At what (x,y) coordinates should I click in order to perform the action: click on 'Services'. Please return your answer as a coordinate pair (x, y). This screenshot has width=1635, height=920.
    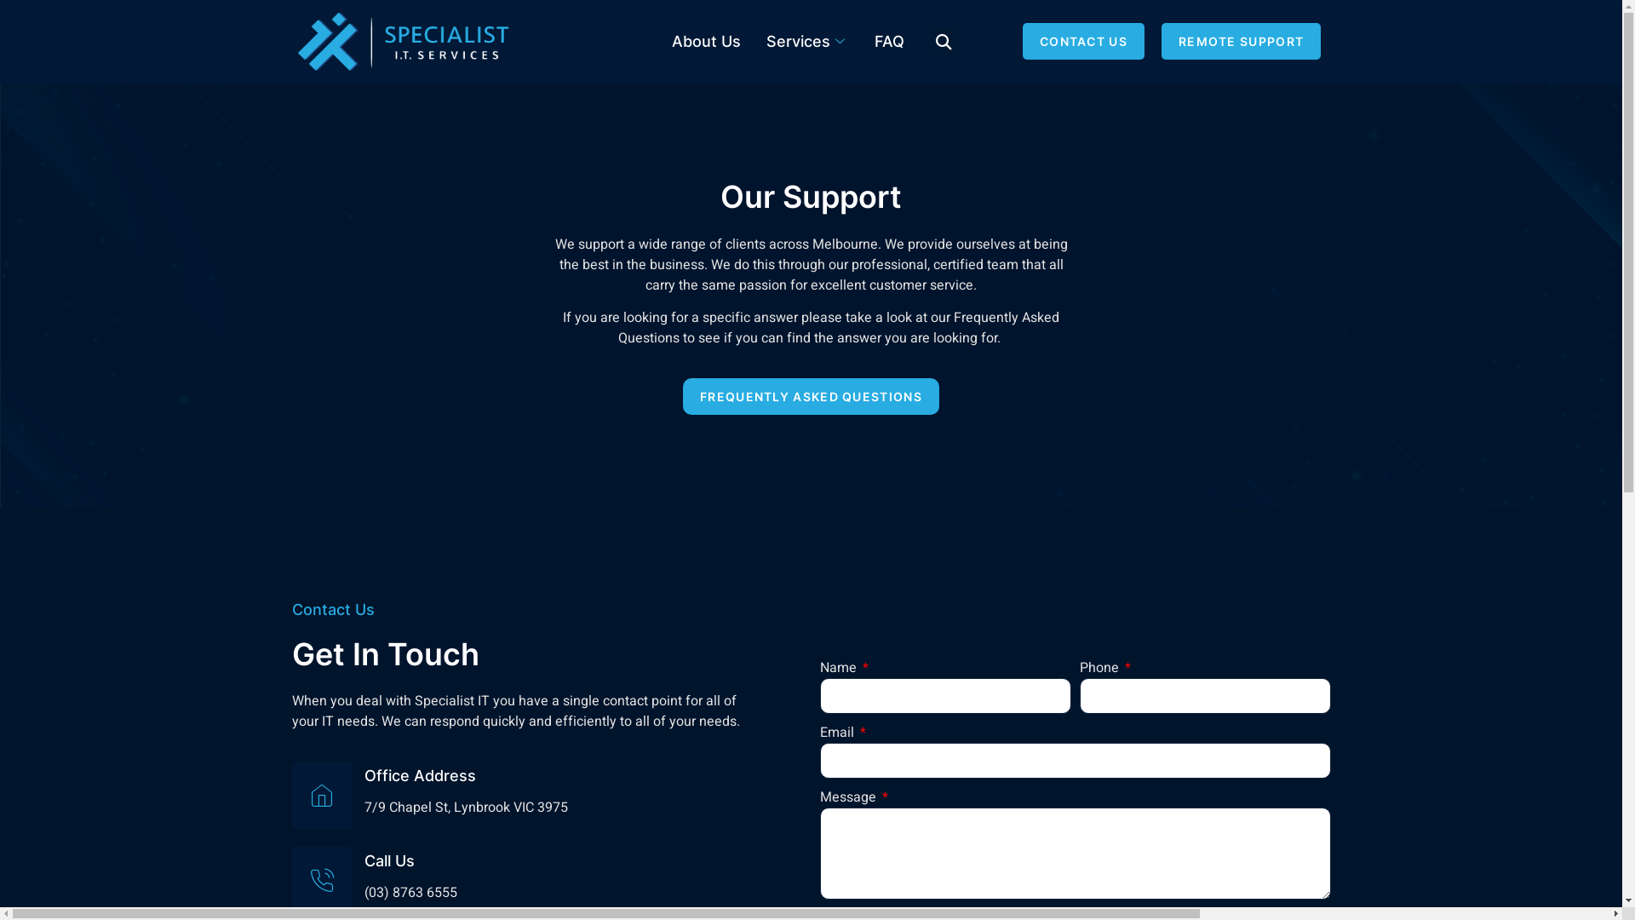
    Looking at the image, I should click on (751, 41).